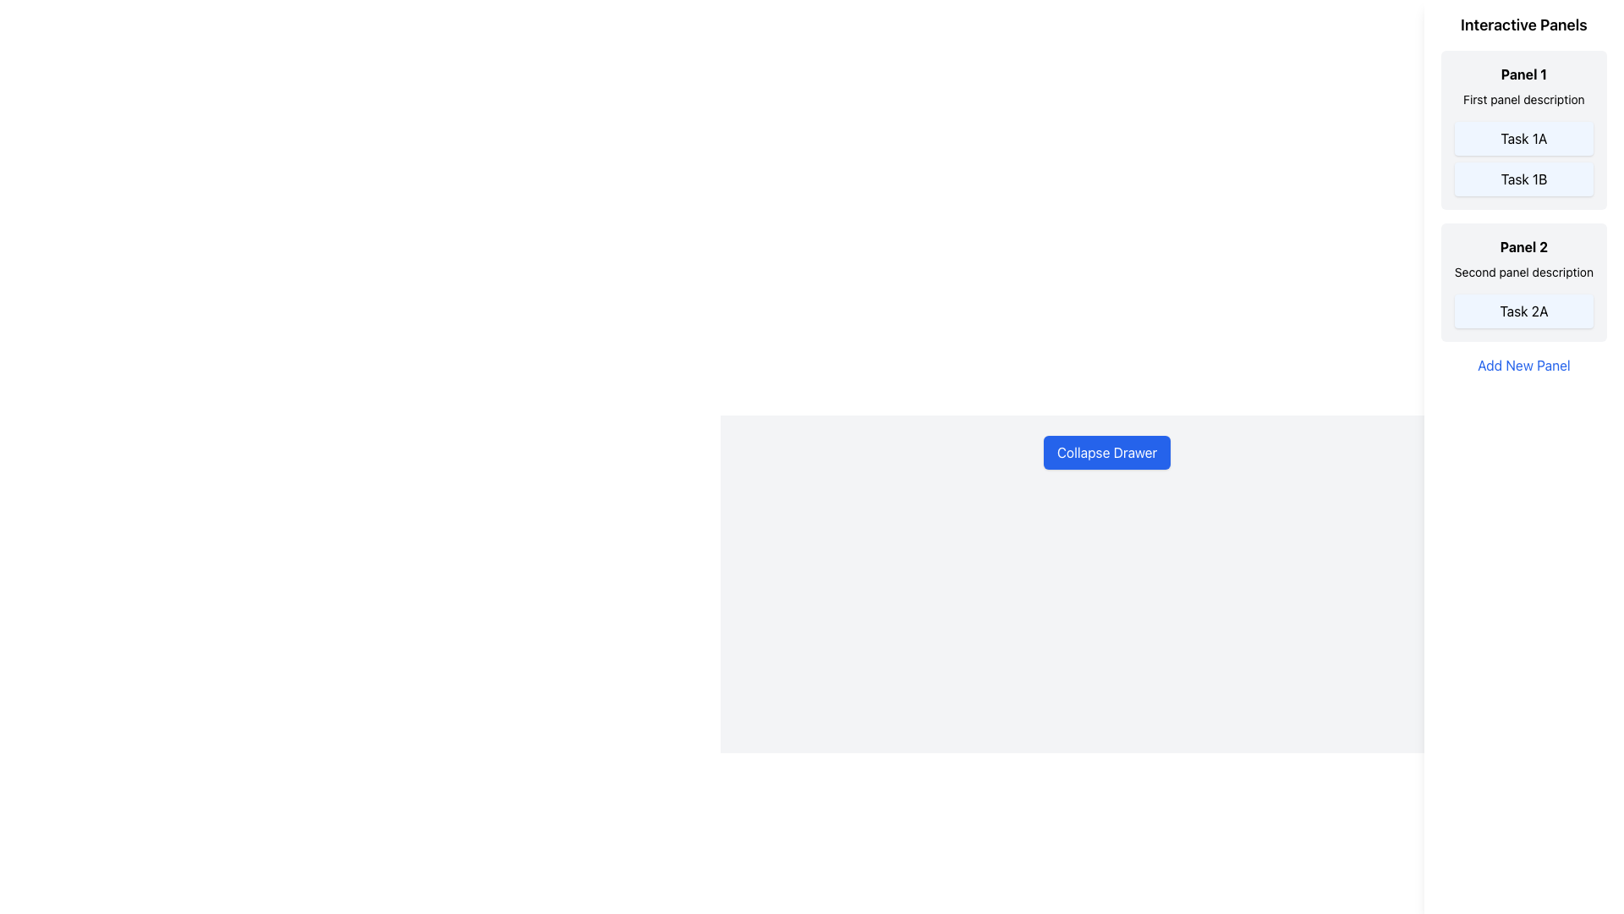  Describe the element at coordinates (1523, 247) in the screenshot. I see `the title label of the second panel in the 'Interactive Panels' section, which indicates the content within the panel` at that location.